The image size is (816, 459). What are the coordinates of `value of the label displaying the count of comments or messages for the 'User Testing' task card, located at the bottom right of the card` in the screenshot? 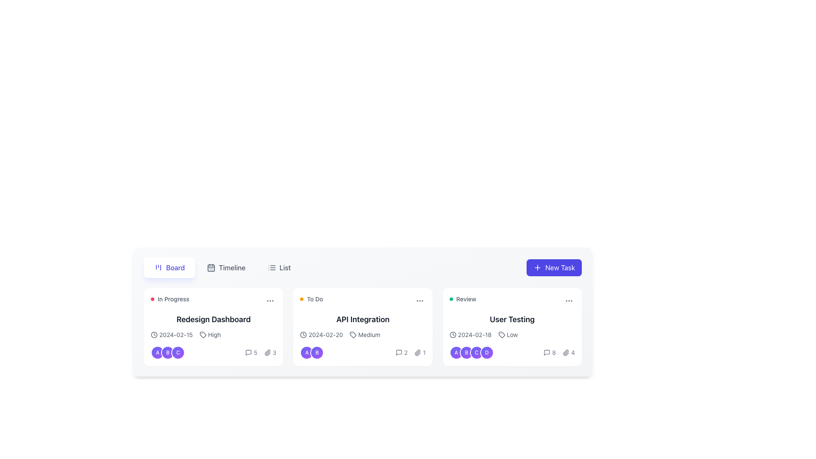 It's located at (554, 352).